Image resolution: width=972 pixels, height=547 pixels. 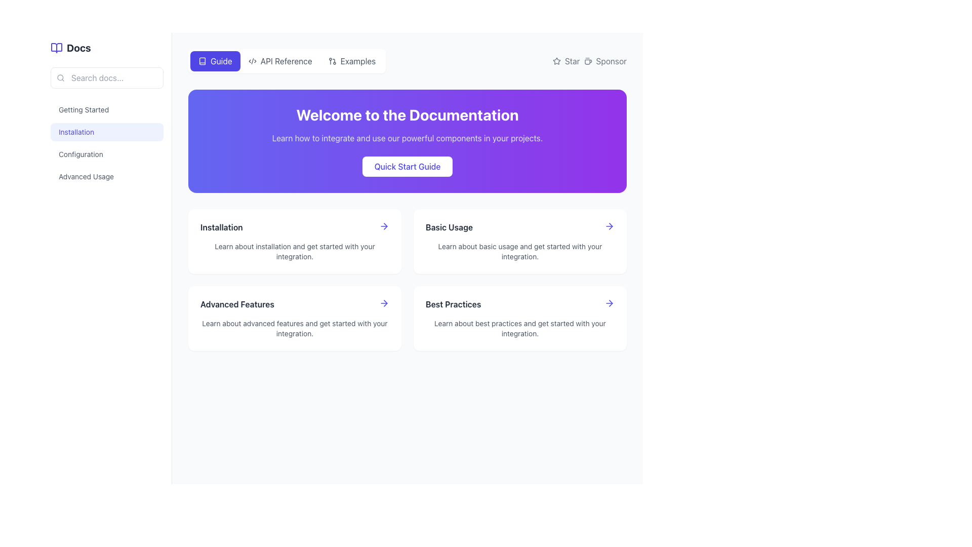 What do you see at coordinates (286, 61) in the screenshot?
I see `the 'API Reference' text label within the horizontal navigation bar` at bounding box center [286, 61].